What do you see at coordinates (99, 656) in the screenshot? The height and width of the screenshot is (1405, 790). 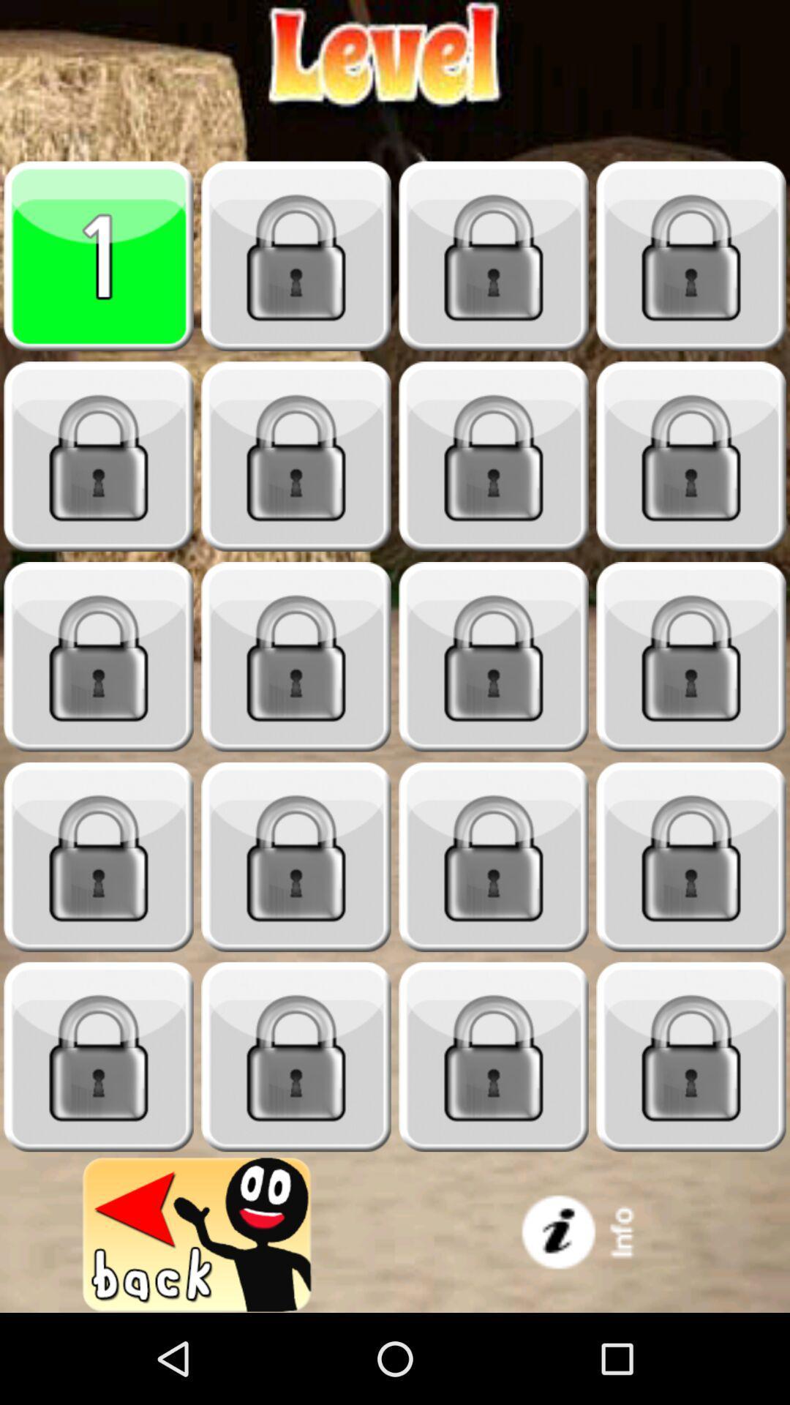 I see `unlock this level` at bounding box center [99, 656].